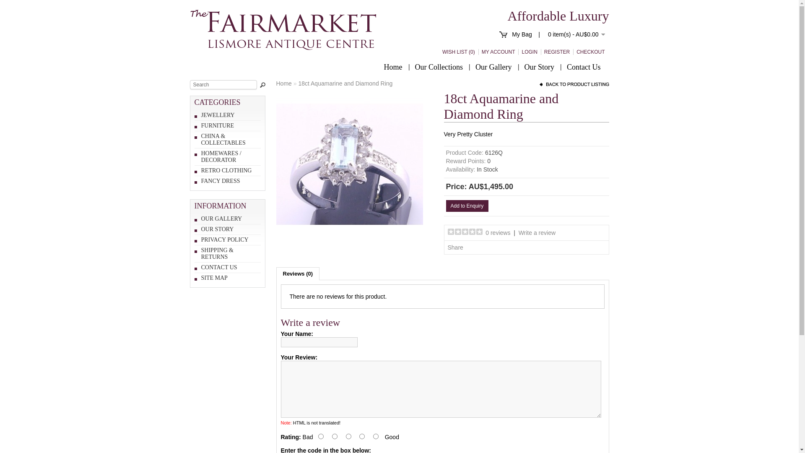 The width and height of the screenshot is (805, 453). Describe the element at coordinates (298, 273) in the screenshot. I see `'Reviews (0)'` at that location.